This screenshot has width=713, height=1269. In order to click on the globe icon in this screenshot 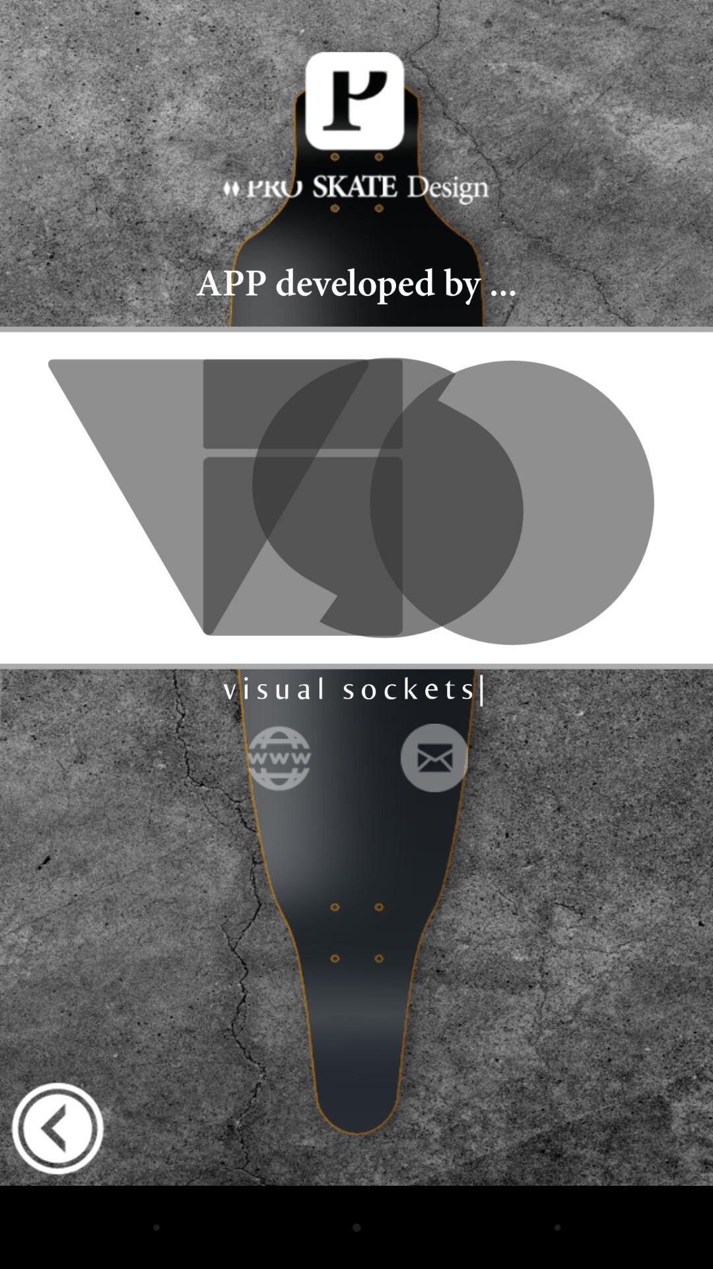, I will do `click(278, 810)`.